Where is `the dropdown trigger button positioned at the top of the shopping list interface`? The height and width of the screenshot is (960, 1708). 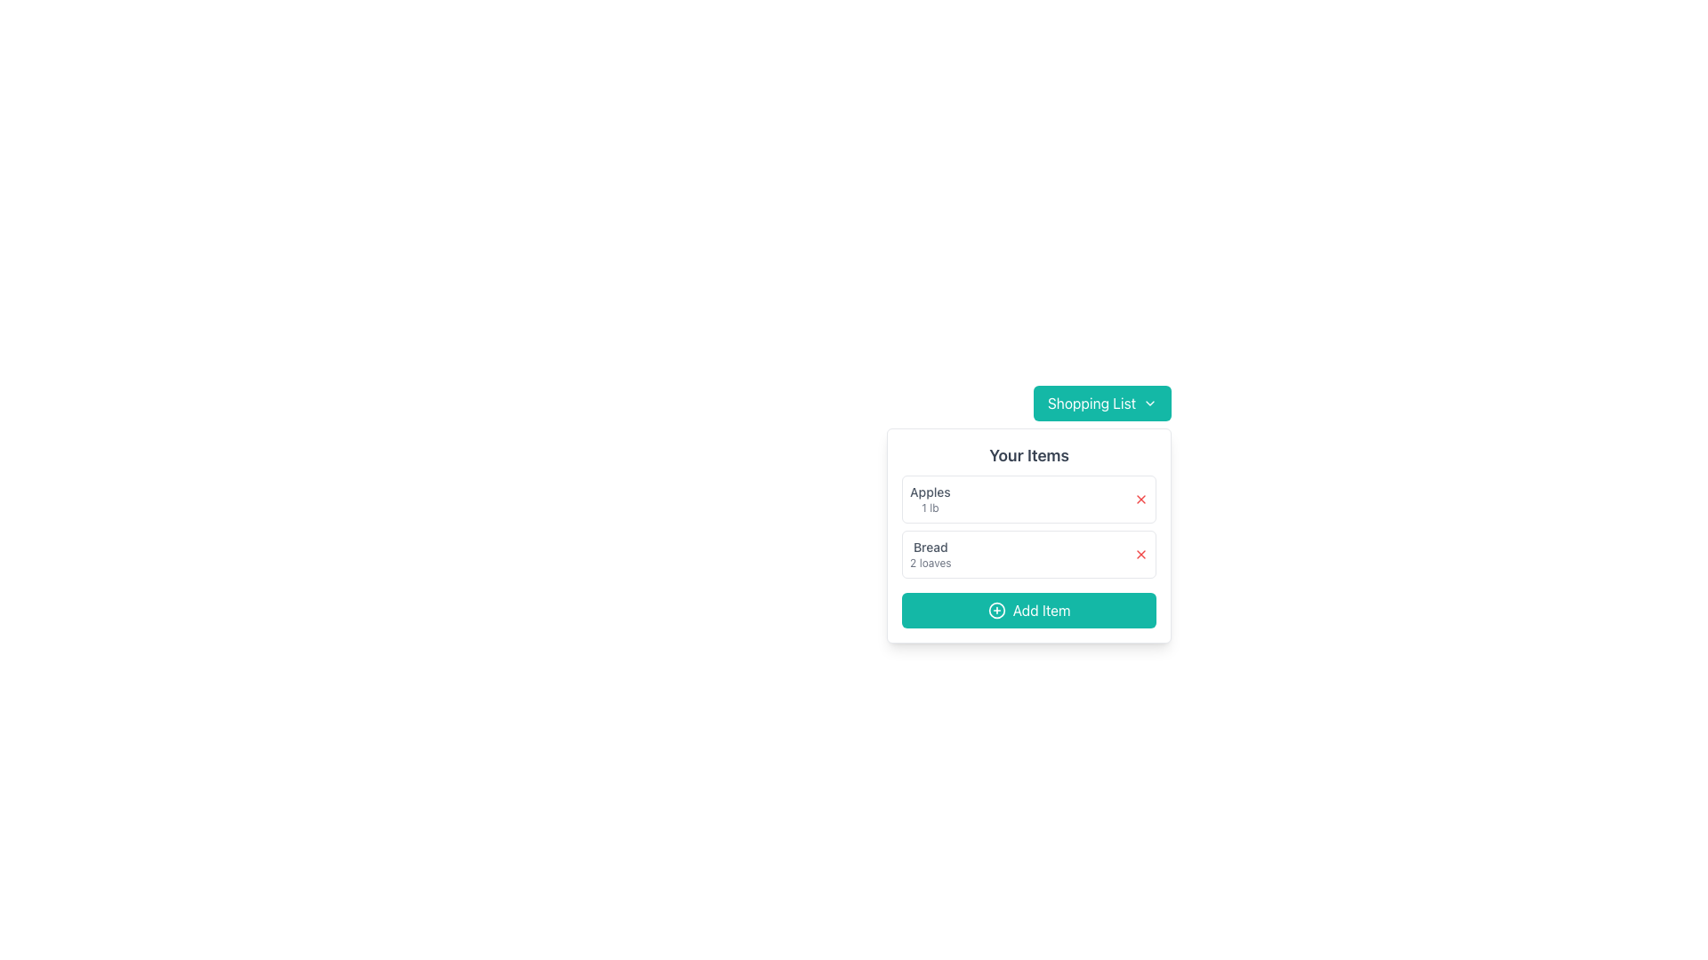 the dropdown trigger button positioned at the top of the shopping list interface is located at coordinates (1101, 404).